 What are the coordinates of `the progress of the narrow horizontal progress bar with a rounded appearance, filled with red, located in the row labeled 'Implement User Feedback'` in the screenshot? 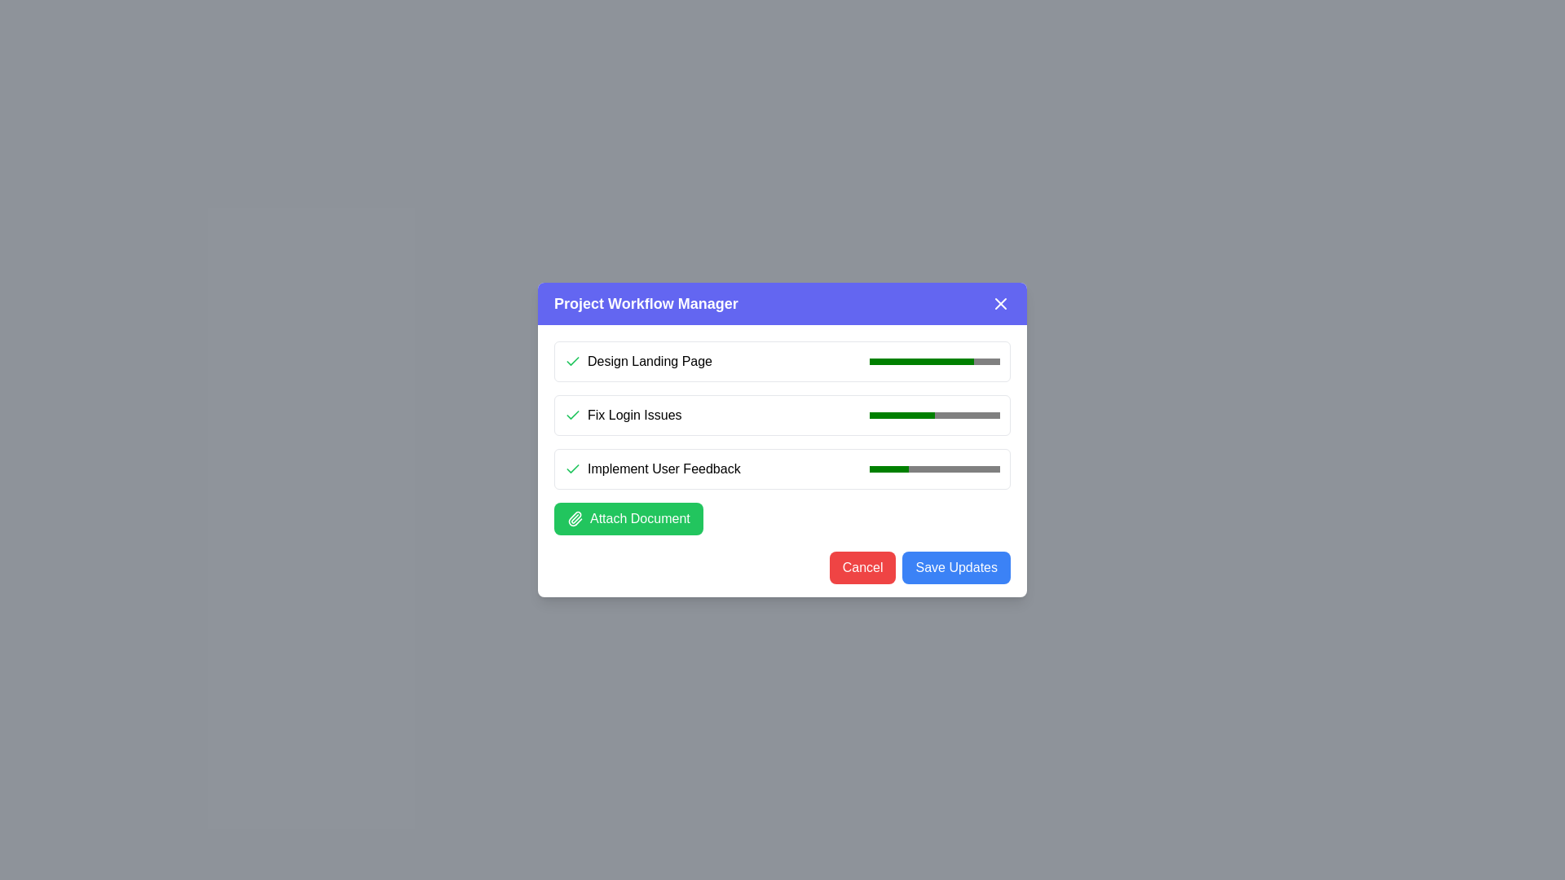 It's located at (935, 469).